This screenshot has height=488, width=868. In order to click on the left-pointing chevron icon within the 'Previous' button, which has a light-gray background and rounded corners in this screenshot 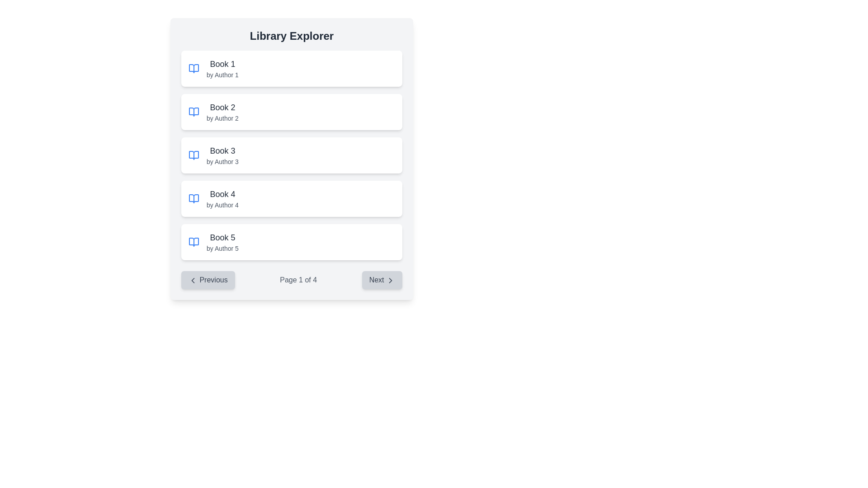, I will do `click(193, 280)`.